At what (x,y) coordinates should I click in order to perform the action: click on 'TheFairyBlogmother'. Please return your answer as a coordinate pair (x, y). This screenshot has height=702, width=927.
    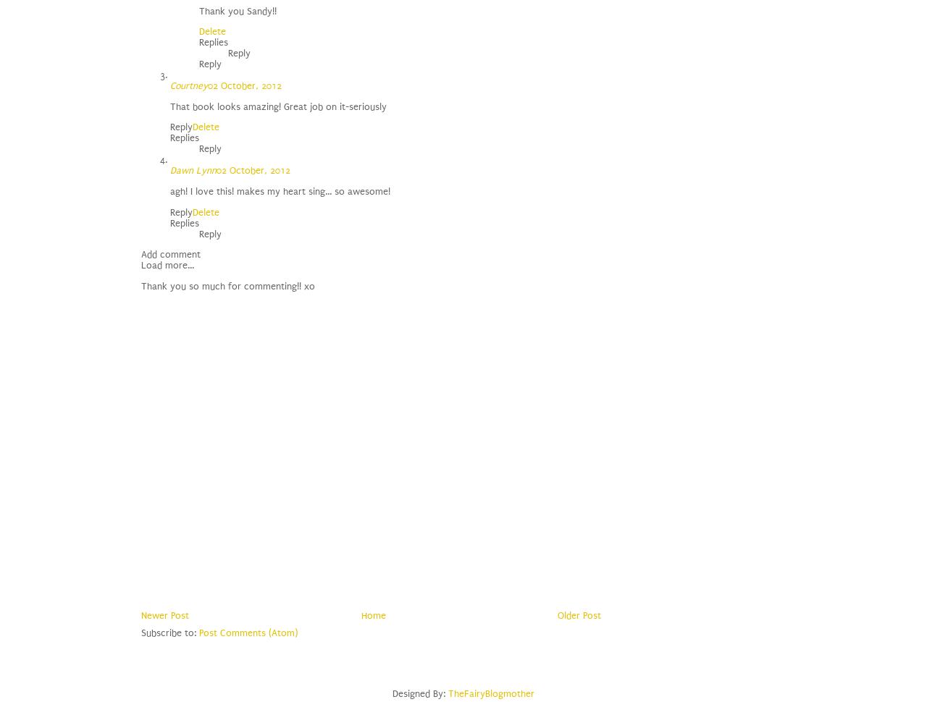
    Looking at the image, I should click on (491, 693).